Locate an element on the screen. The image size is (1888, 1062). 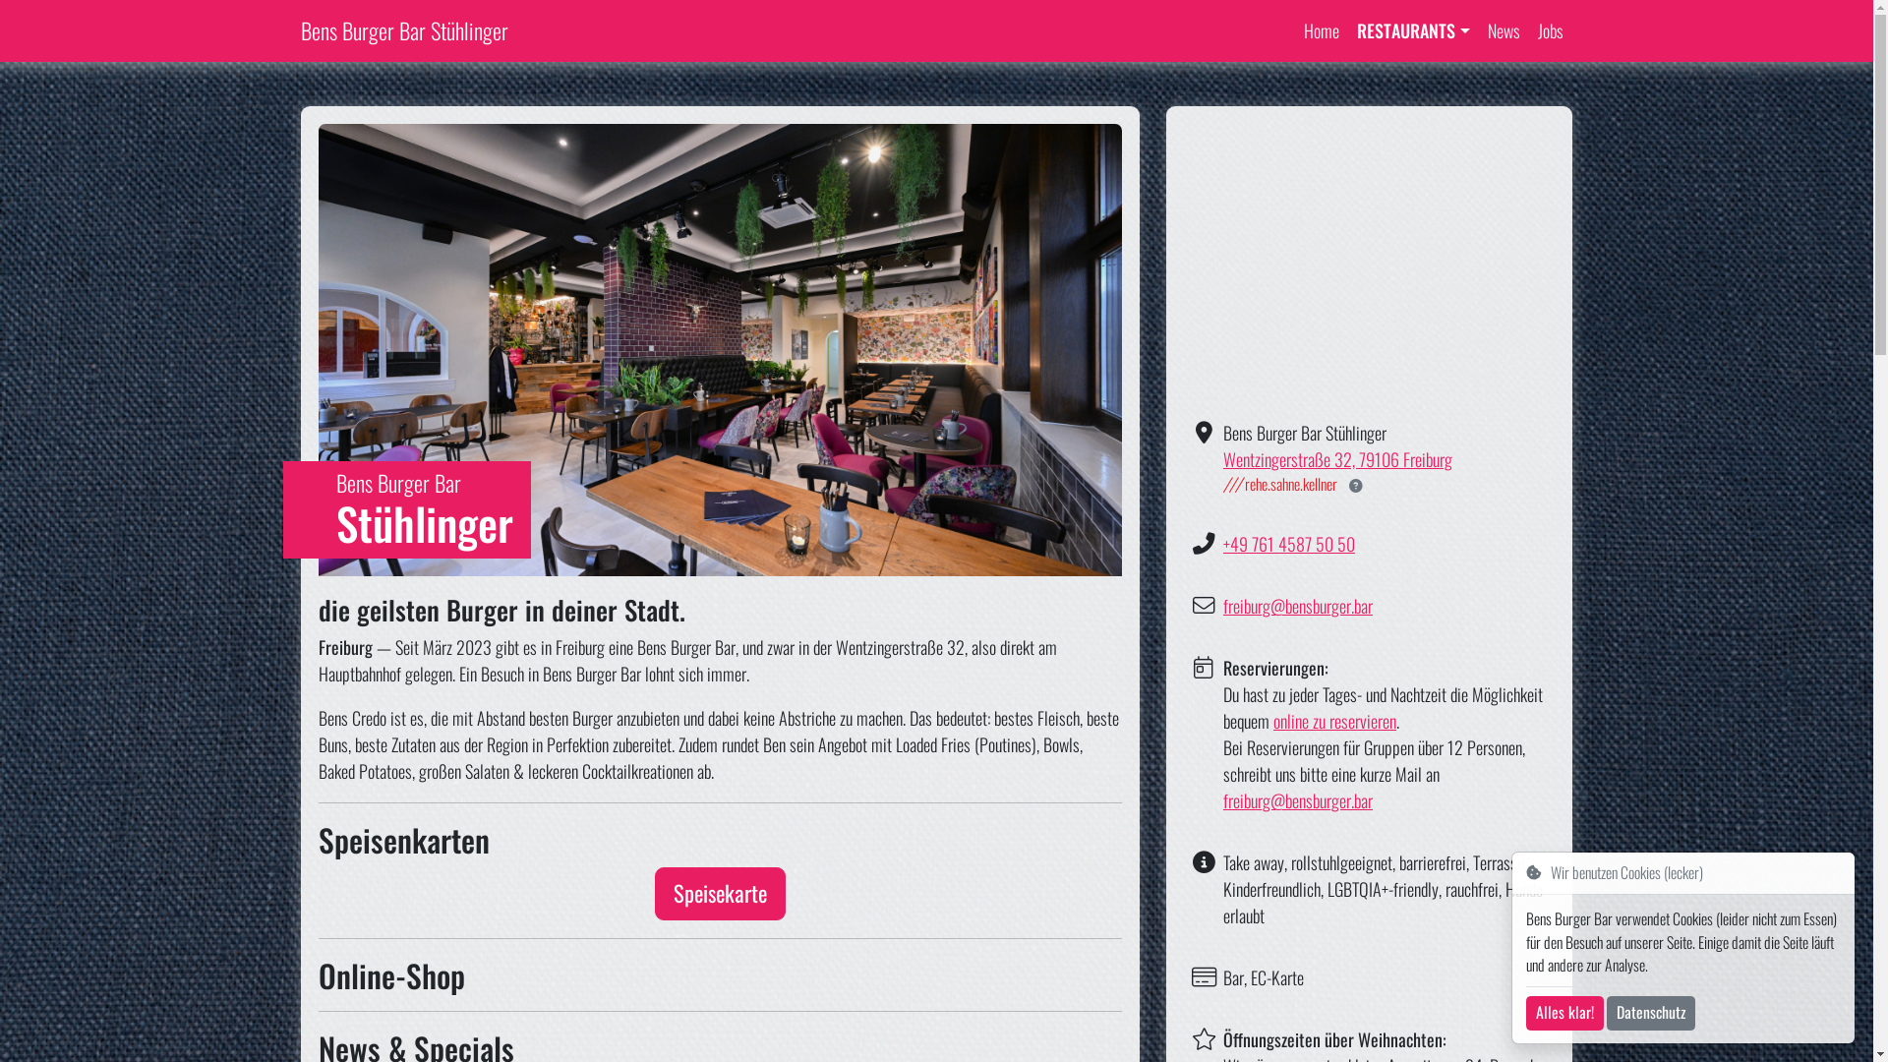
'Alles klar!' is located at coordinates (1563, 1013).